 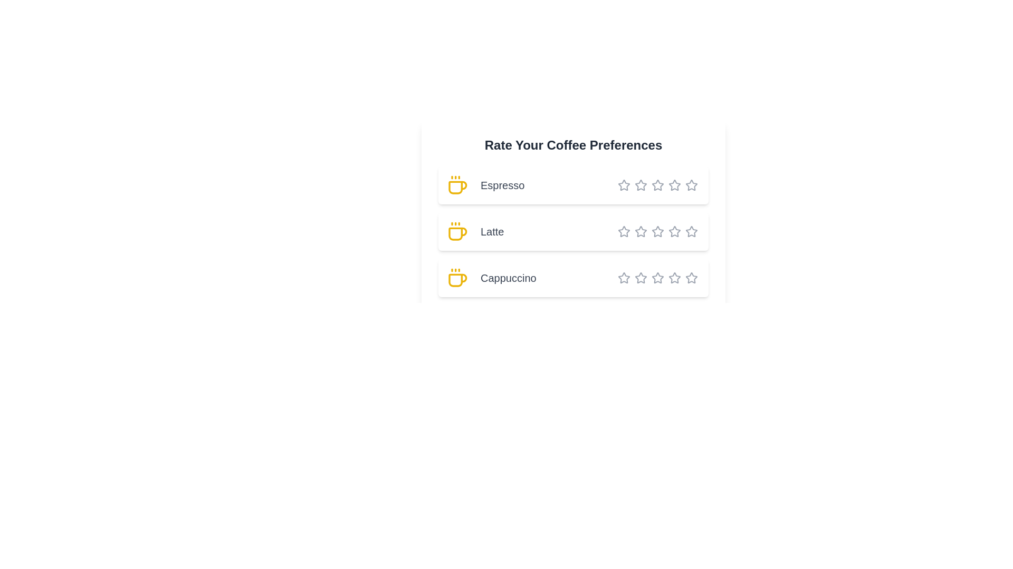 What do you see at coordinates (645, 278) in the screenshot?
I see `the star corresponding to 3 stars for the coffee type Cappuccino` at bounding box center [645, 278].